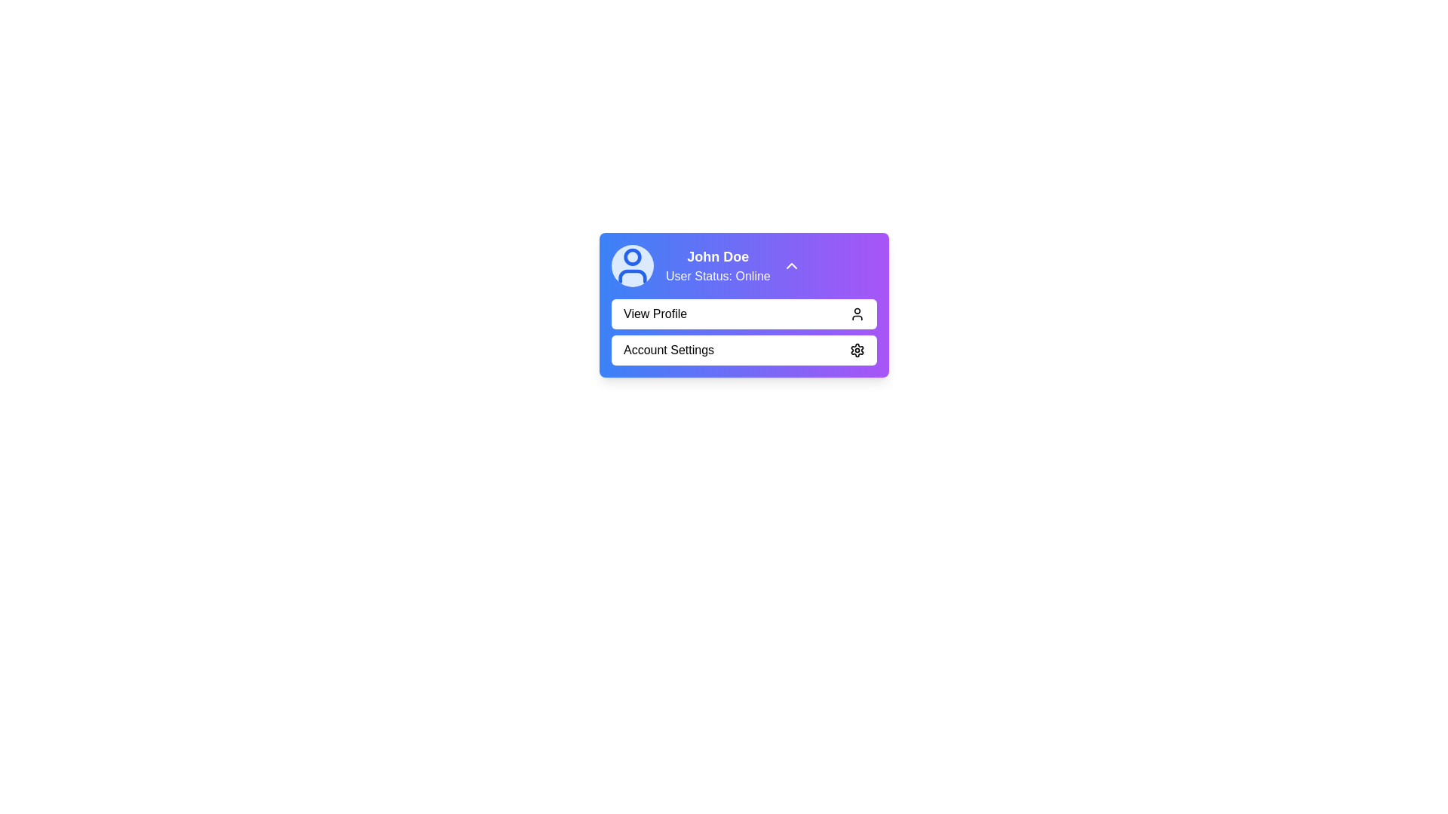 The image size is (1448, 814). What do you see at coordinates (633, 256) in the screenshot?
I see `the circular icon representing the user's avatar in the profile card, which is centrally positioned within the user profile icon` at bounding box center [633, 256].